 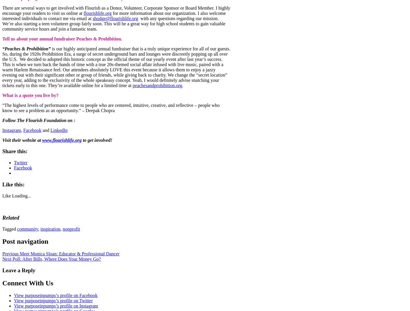 I want to click on 'View purposeinpumps’s profile on Facebook', so click(x=55, y=295).